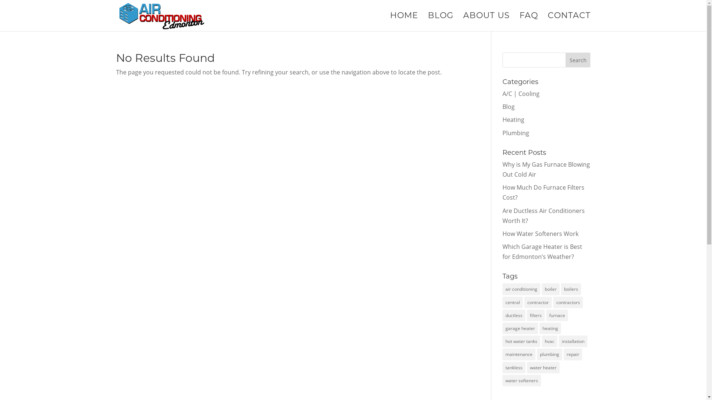 This screenshot has width=712, height=400. What do you see at coordinates (508, 107) in the screenshot?
I see `'Blog'` at bounding box center [508, 107].